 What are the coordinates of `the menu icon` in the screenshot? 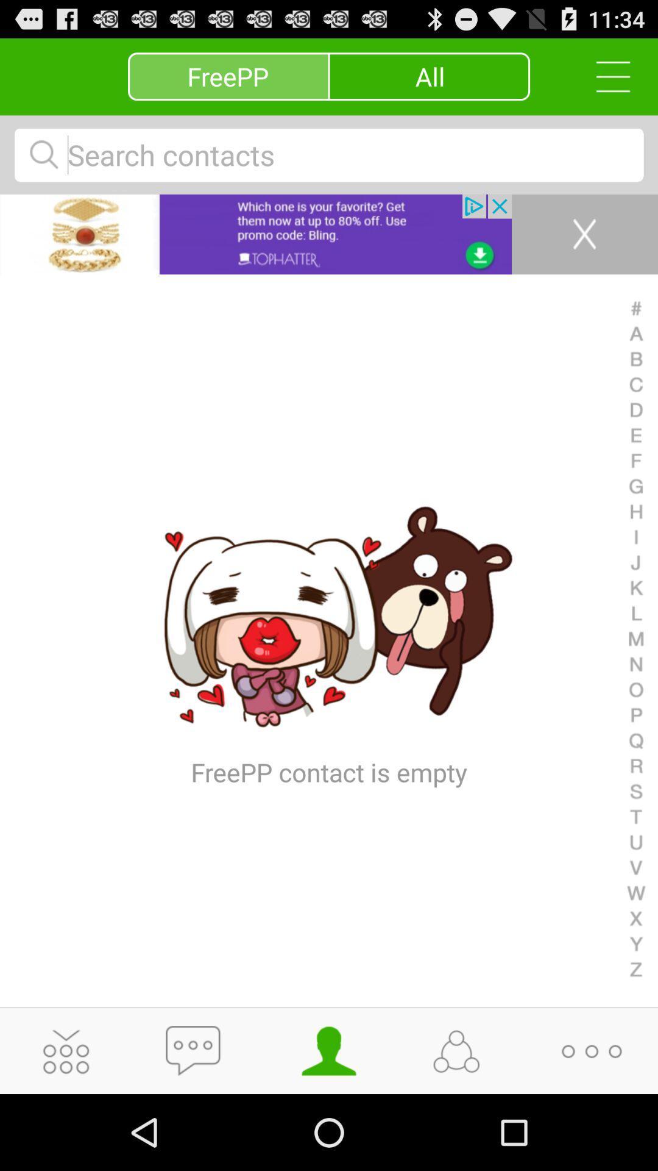 It's located at (606, 81).